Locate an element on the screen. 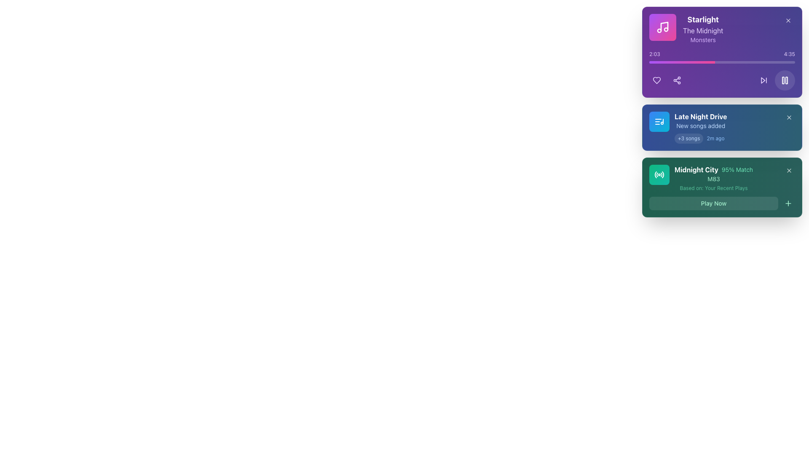  the triangle-shaped play icon located within the purple card titled 'Starlight' at the top of the interface is located at coordinates (763, 80).